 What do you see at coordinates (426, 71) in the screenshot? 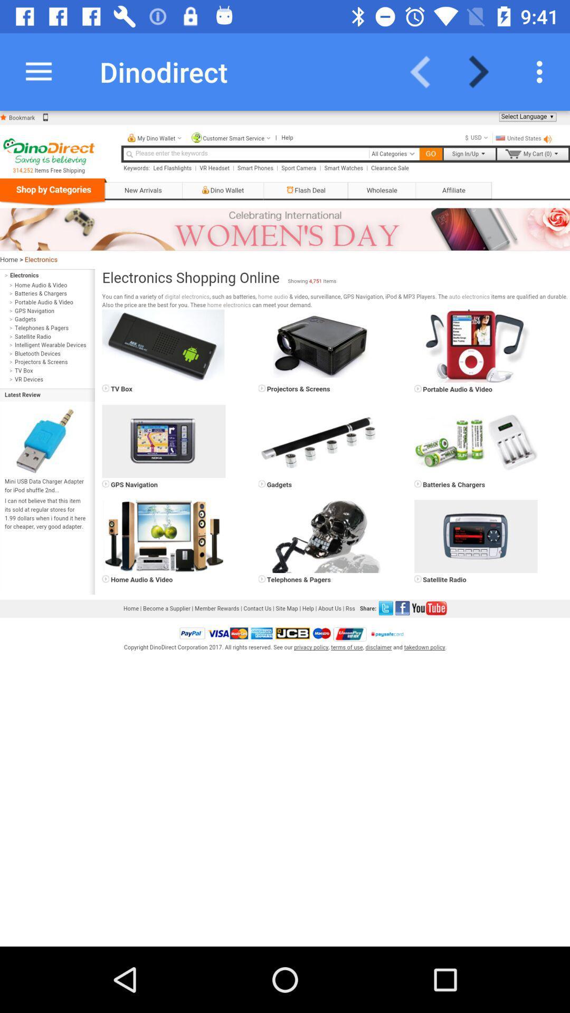
I see `backword` at bounding box center [426, 71].